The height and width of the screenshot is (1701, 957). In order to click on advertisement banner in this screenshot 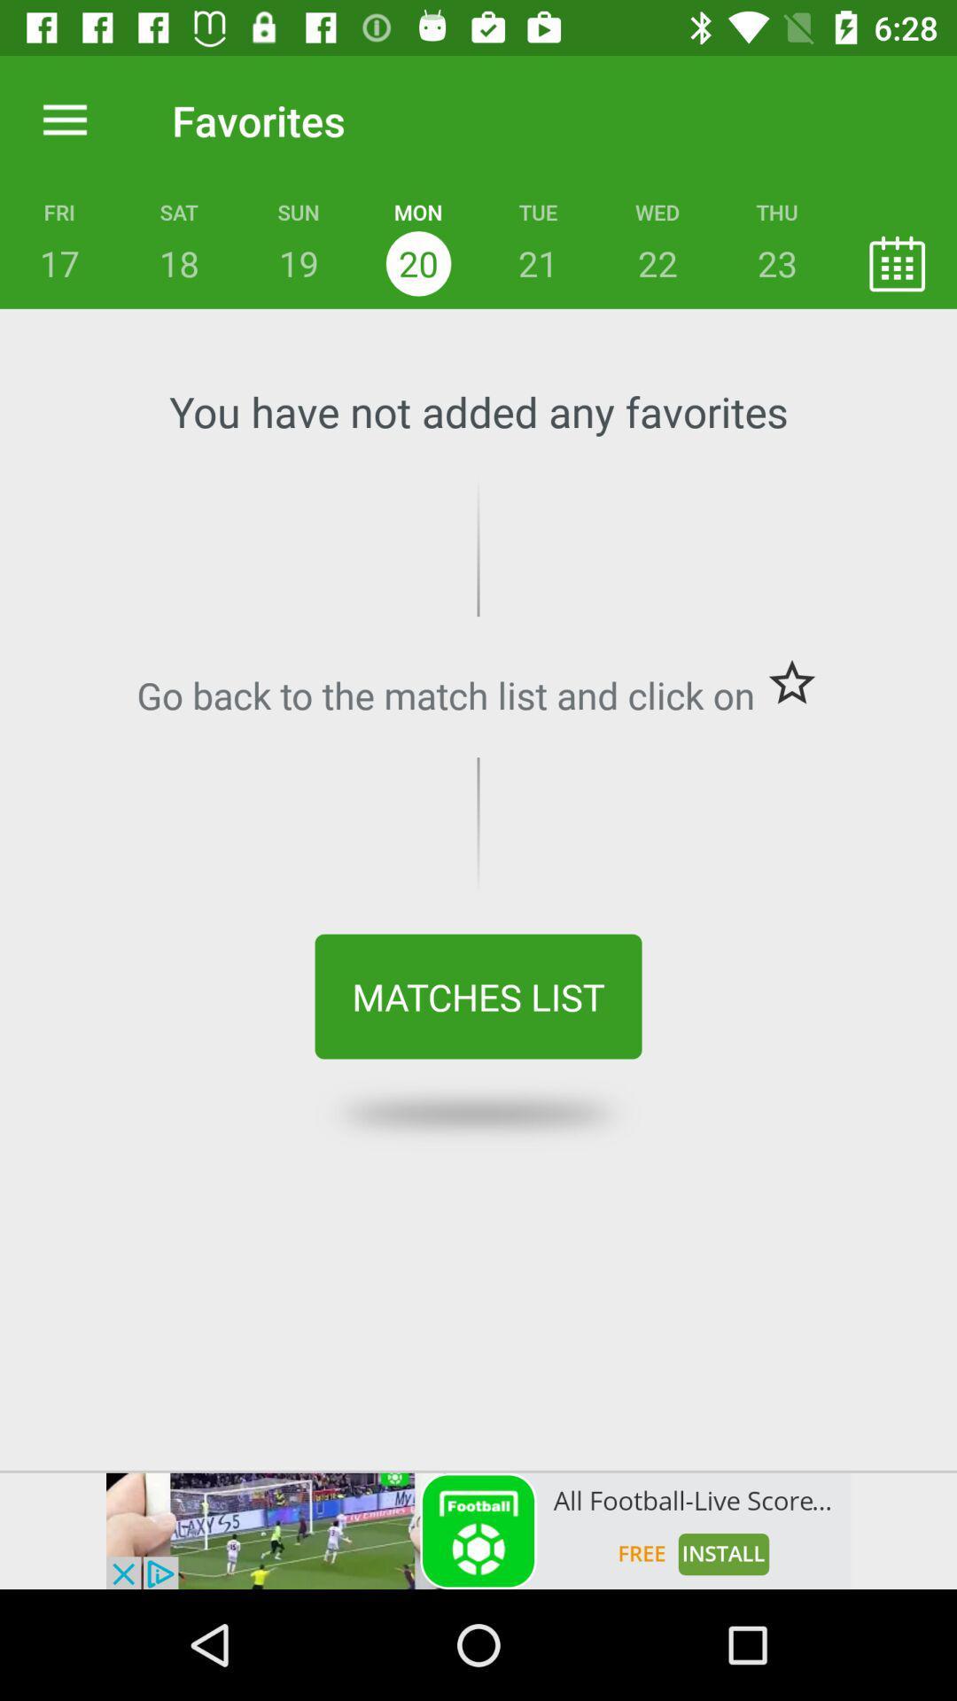, I will do `click(478, 1530)`.